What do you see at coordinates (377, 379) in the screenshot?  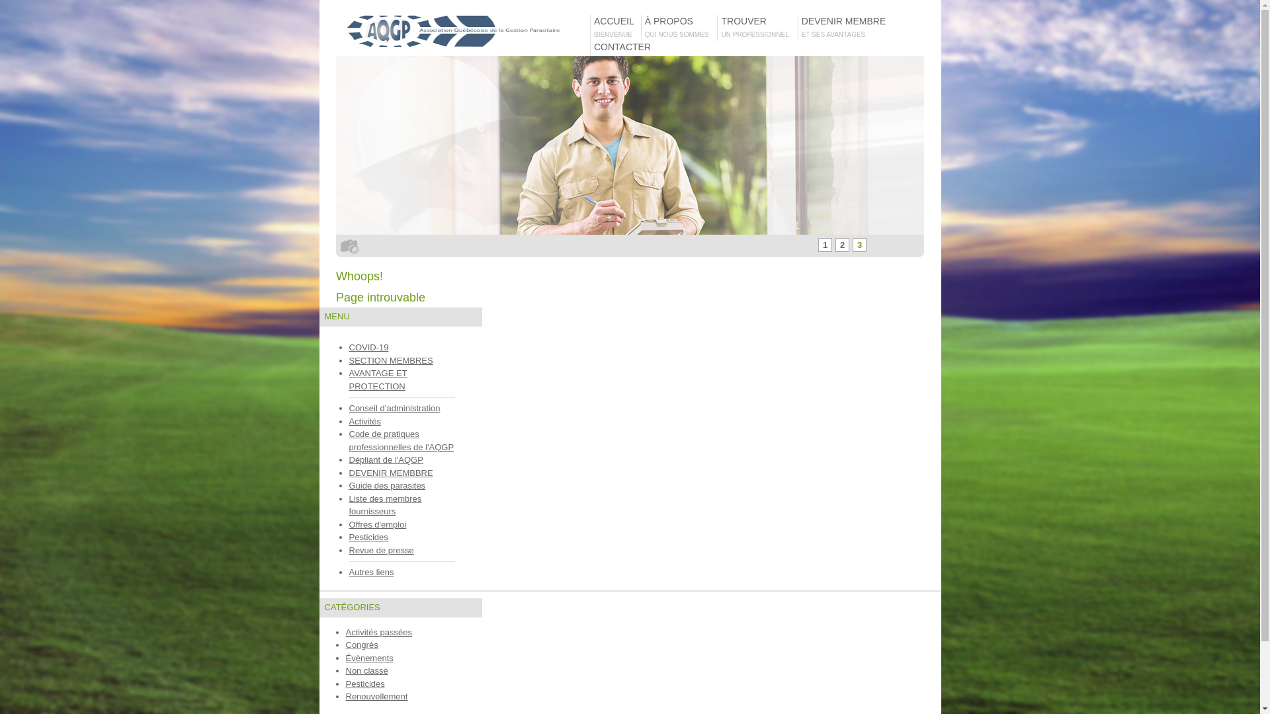 I see `'AVANTAGE ET PROTECTION'` at bounding box center [377, 379].